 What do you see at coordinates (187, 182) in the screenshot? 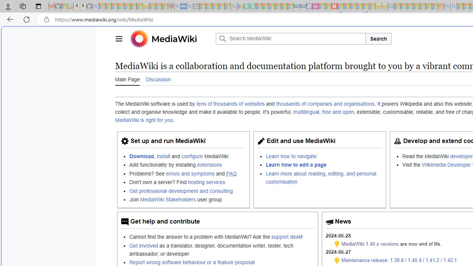
I see `'Don'` at bounding box center [187, 182].